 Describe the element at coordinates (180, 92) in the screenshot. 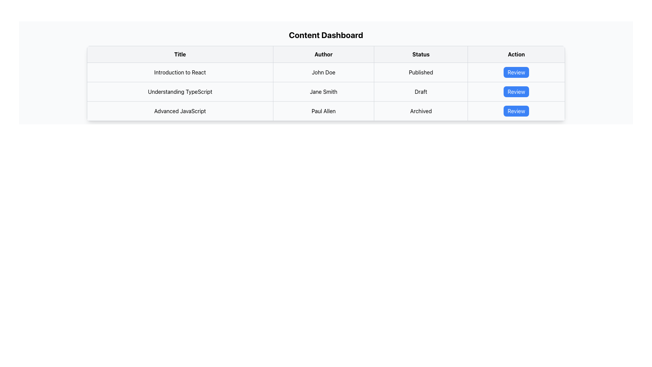

I see `the Table Cell in the second row under the 'Title' column that represents the title of a content item in the content dashboard` at that location.